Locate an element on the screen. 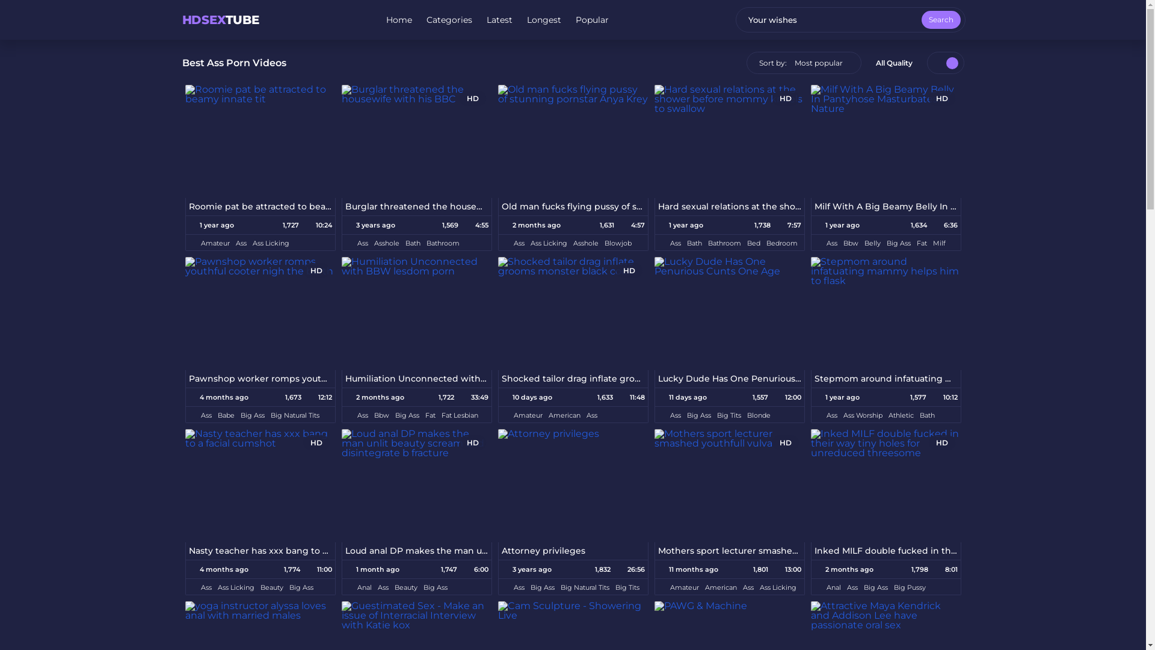 The image size is (1155, 650). 'Bath' is located at coordinates (413, 243).